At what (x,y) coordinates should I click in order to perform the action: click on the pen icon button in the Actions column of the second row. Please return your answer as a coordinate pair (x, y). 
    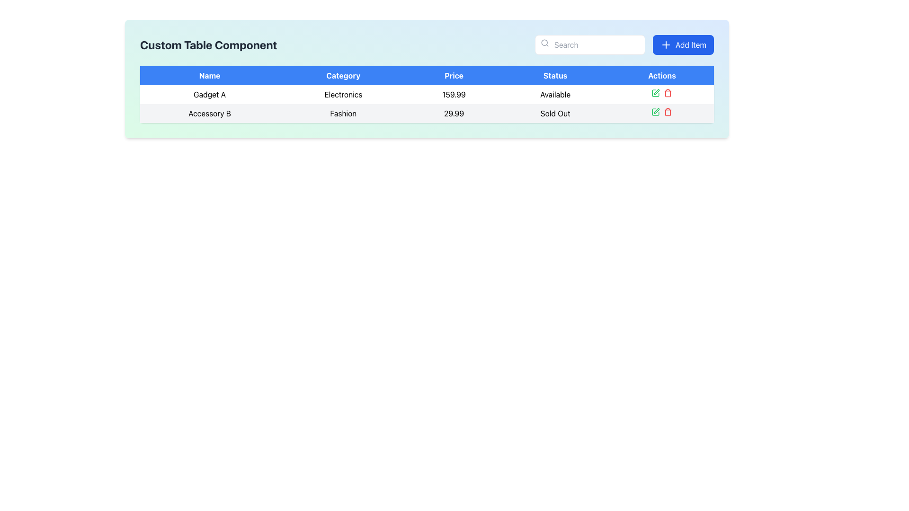
    Looking at the image, I should click on (656, 110).